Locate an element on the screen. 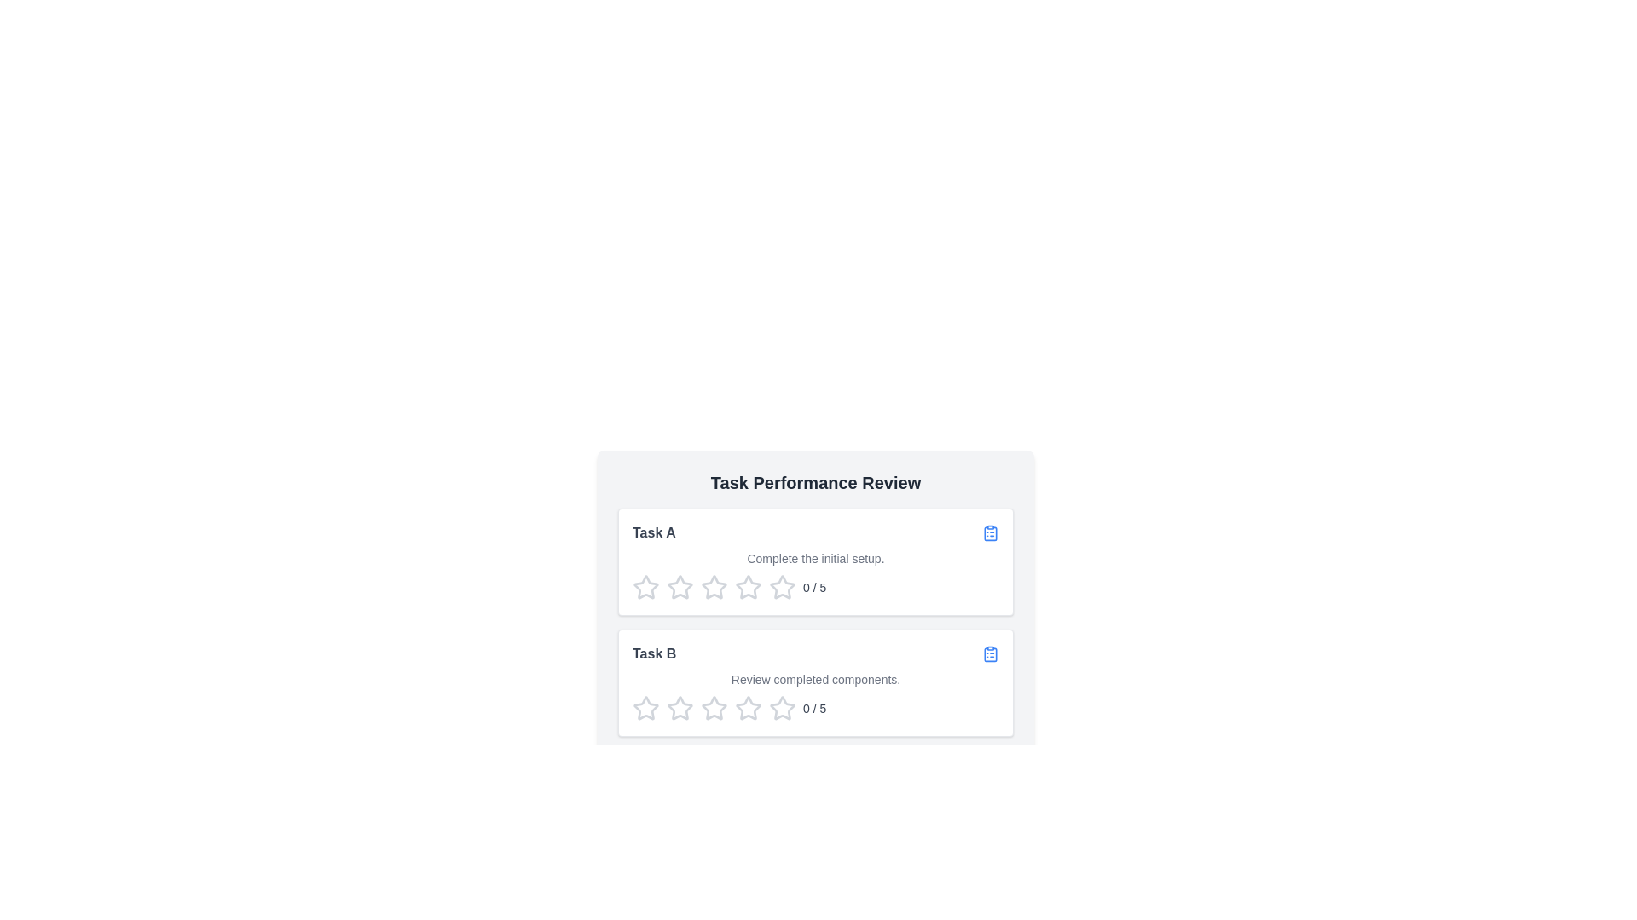 Image resolution: width=1637 pixels, height=920 pixels. the fourth star icon in the 5-star rating system under the 'Task Performance Review' header is located at coordinates (749, 587).